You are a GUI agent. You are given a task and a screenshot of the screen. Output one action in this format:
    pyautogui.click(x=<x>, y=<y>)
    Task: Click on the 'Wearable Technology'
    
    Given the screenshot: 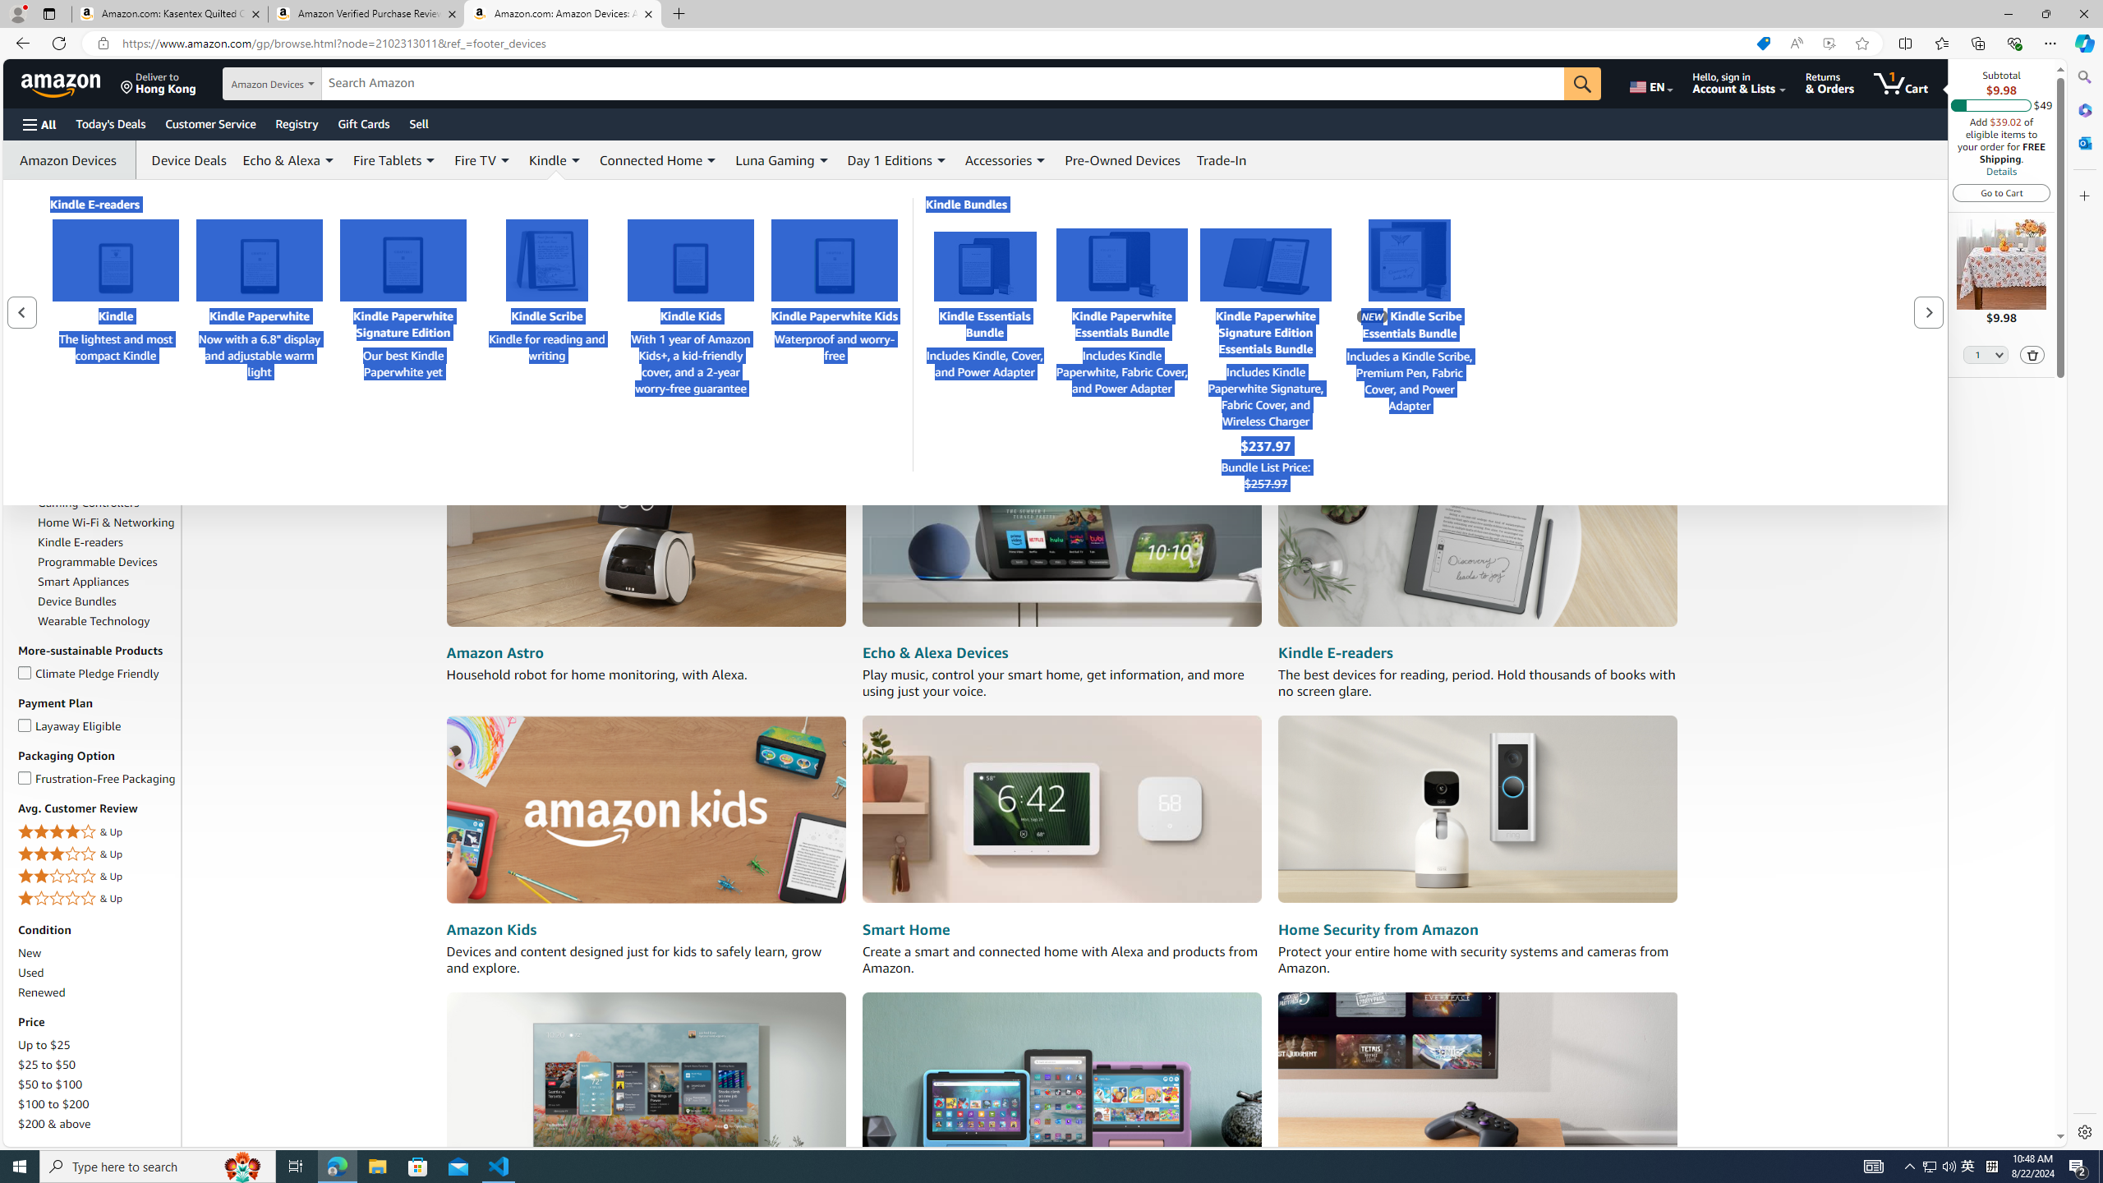 What is the action you would take?
    pyautogui.click(x=93, y=620)
    